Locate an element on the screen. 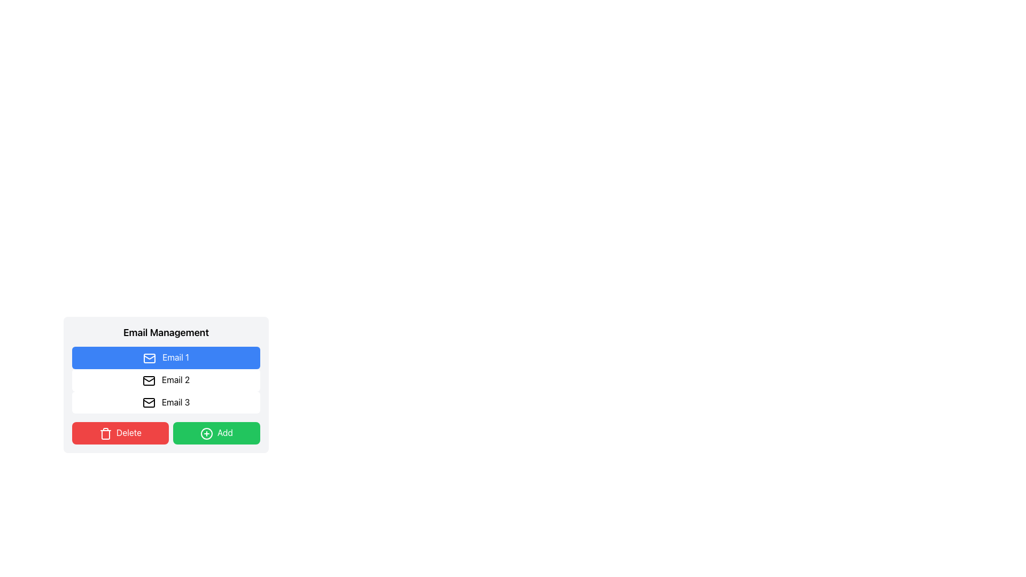 This screenshot has width=1026, height=577. the slanted lines of the opened envelope icon associated with the second email entry ('Email 2') in the 'Email Management' section is located at coordinates (148, 379).